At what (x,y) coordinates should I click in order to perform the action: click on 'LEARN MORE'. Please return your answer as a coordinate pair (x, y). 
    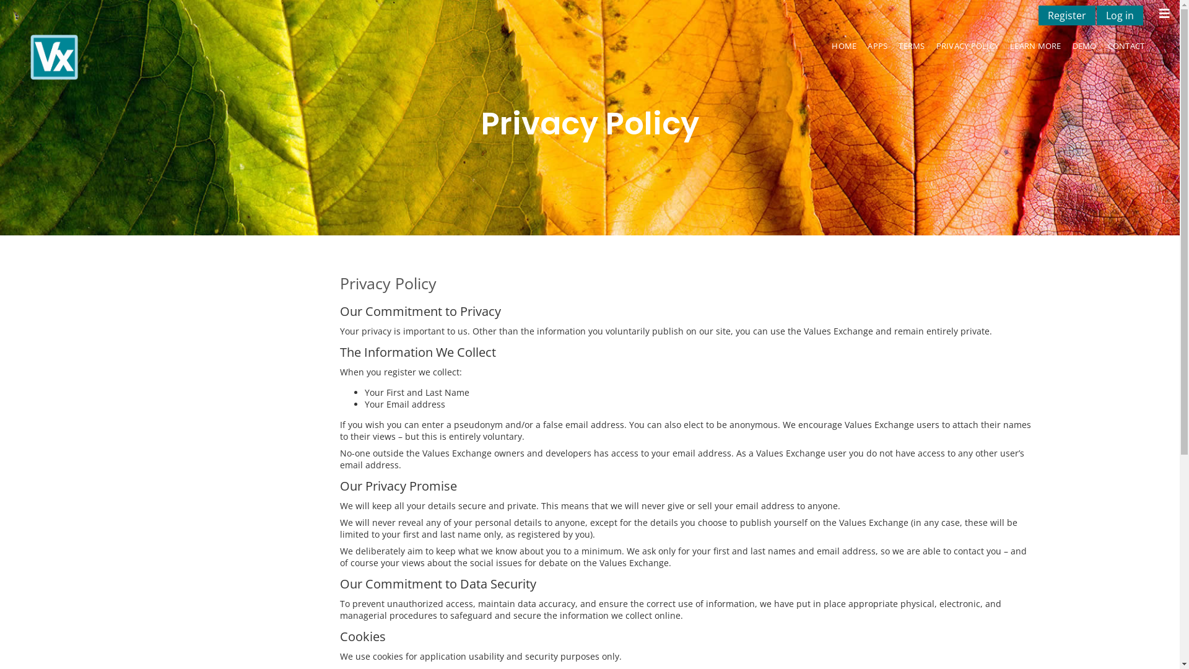
    Looking at the image, I should click on (1035, 45).